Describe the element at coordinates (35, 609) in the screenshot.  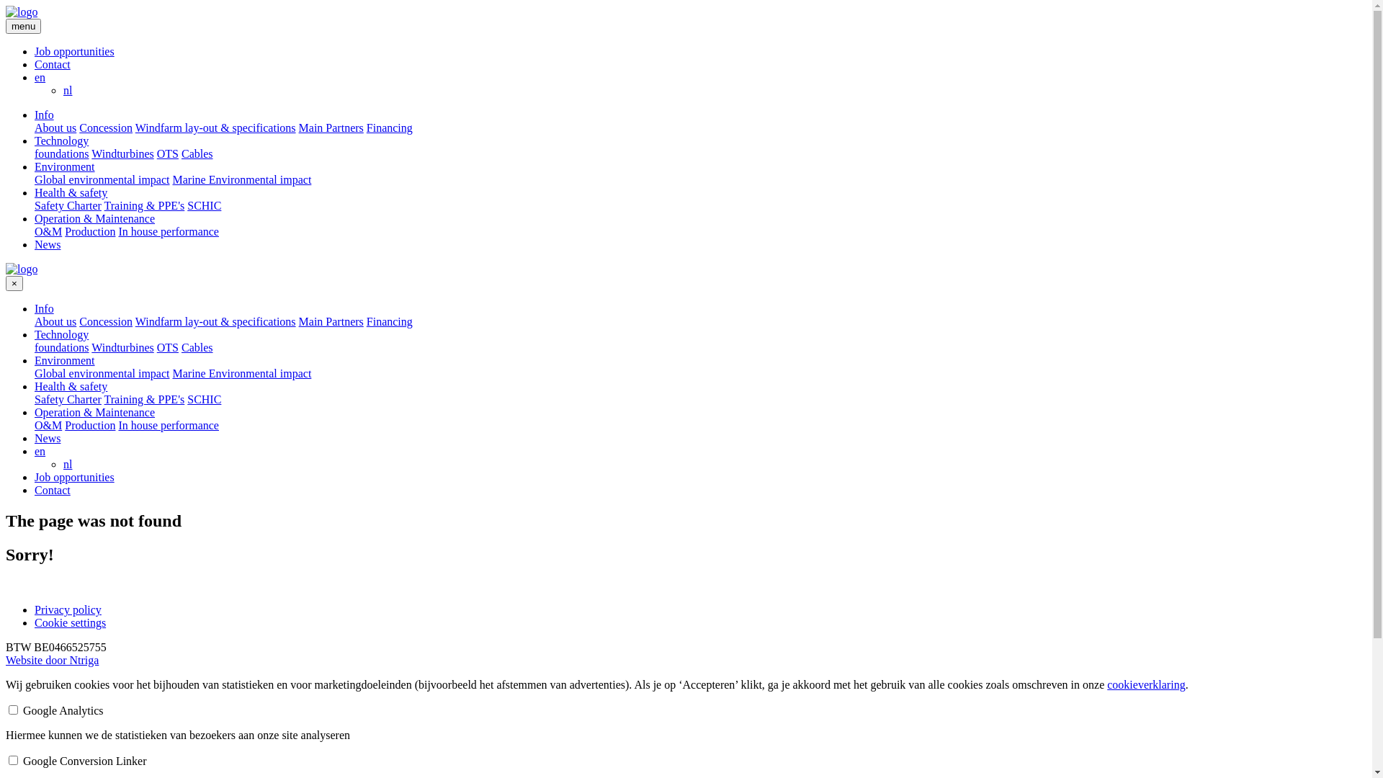
I see `'Privacy policy'` at that location.